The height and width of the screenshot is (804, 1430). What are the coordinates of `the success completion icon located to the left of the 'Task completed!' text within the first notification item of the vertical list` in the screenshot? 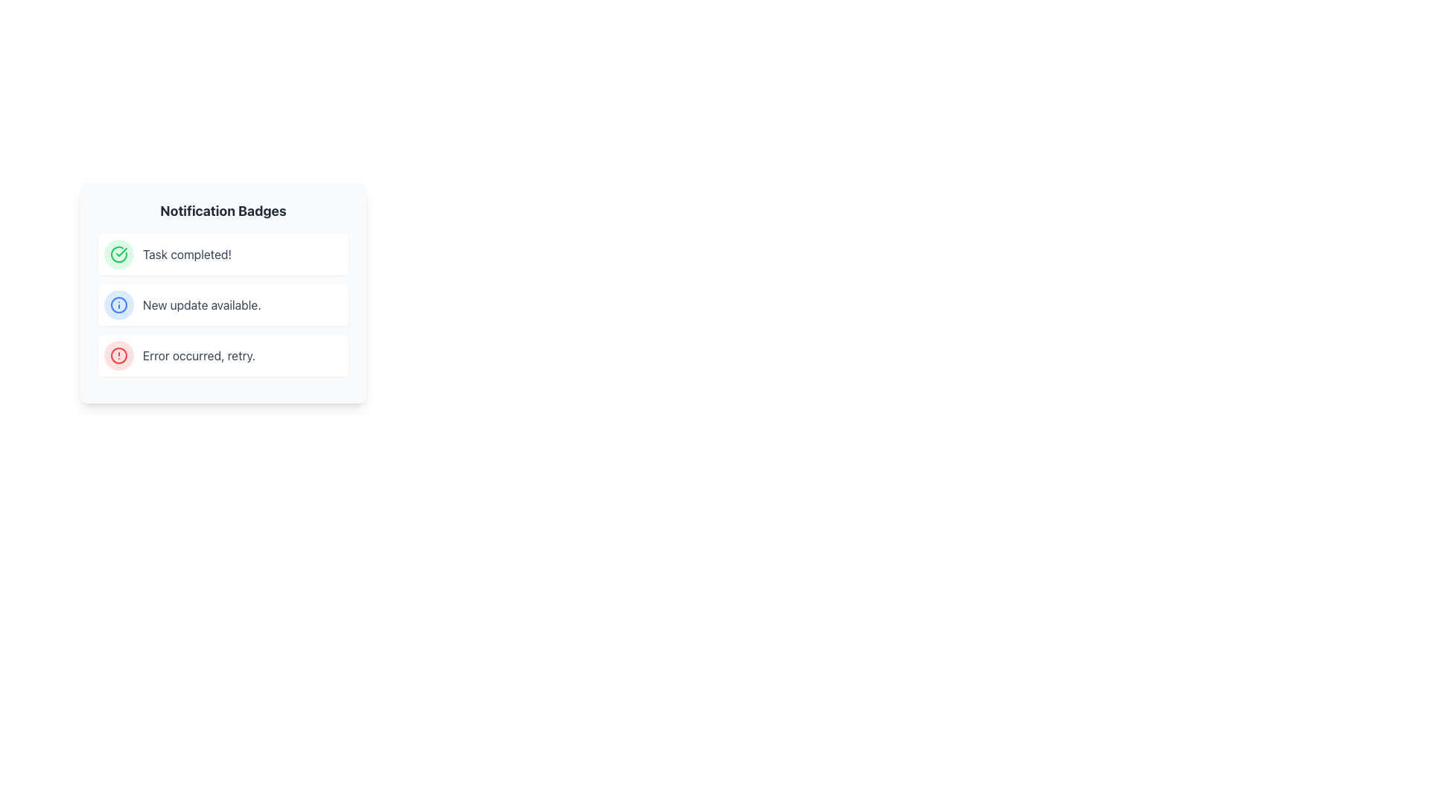 It's located at (118, 254).